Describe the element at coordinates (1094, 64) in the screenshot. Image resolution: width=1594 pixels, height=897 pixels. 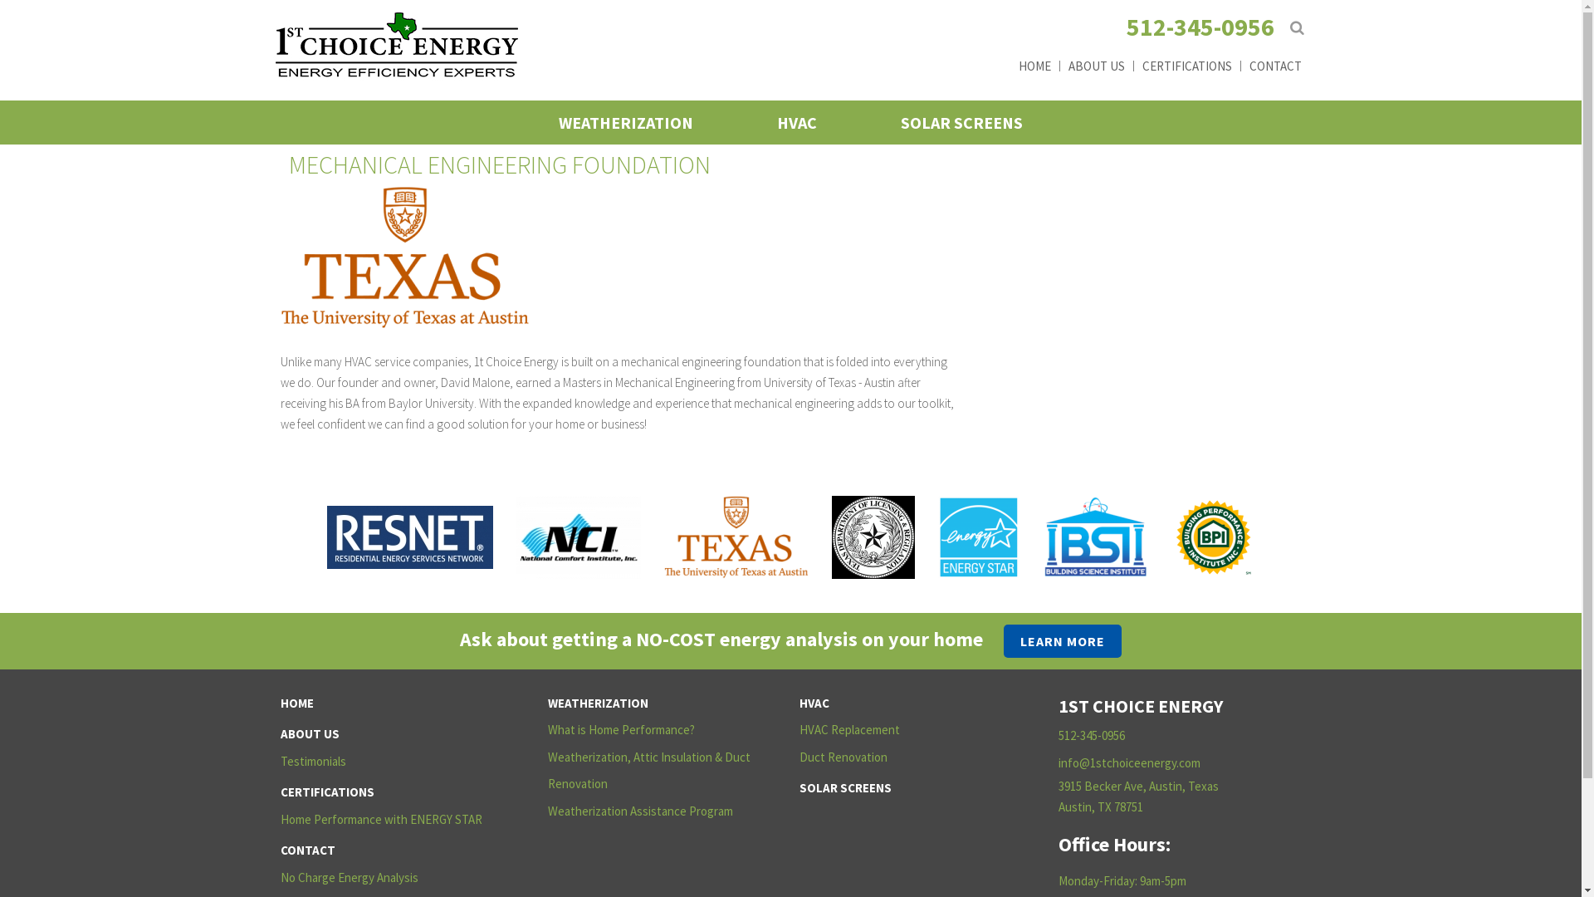
I see `'ABOUT US'` at that location.